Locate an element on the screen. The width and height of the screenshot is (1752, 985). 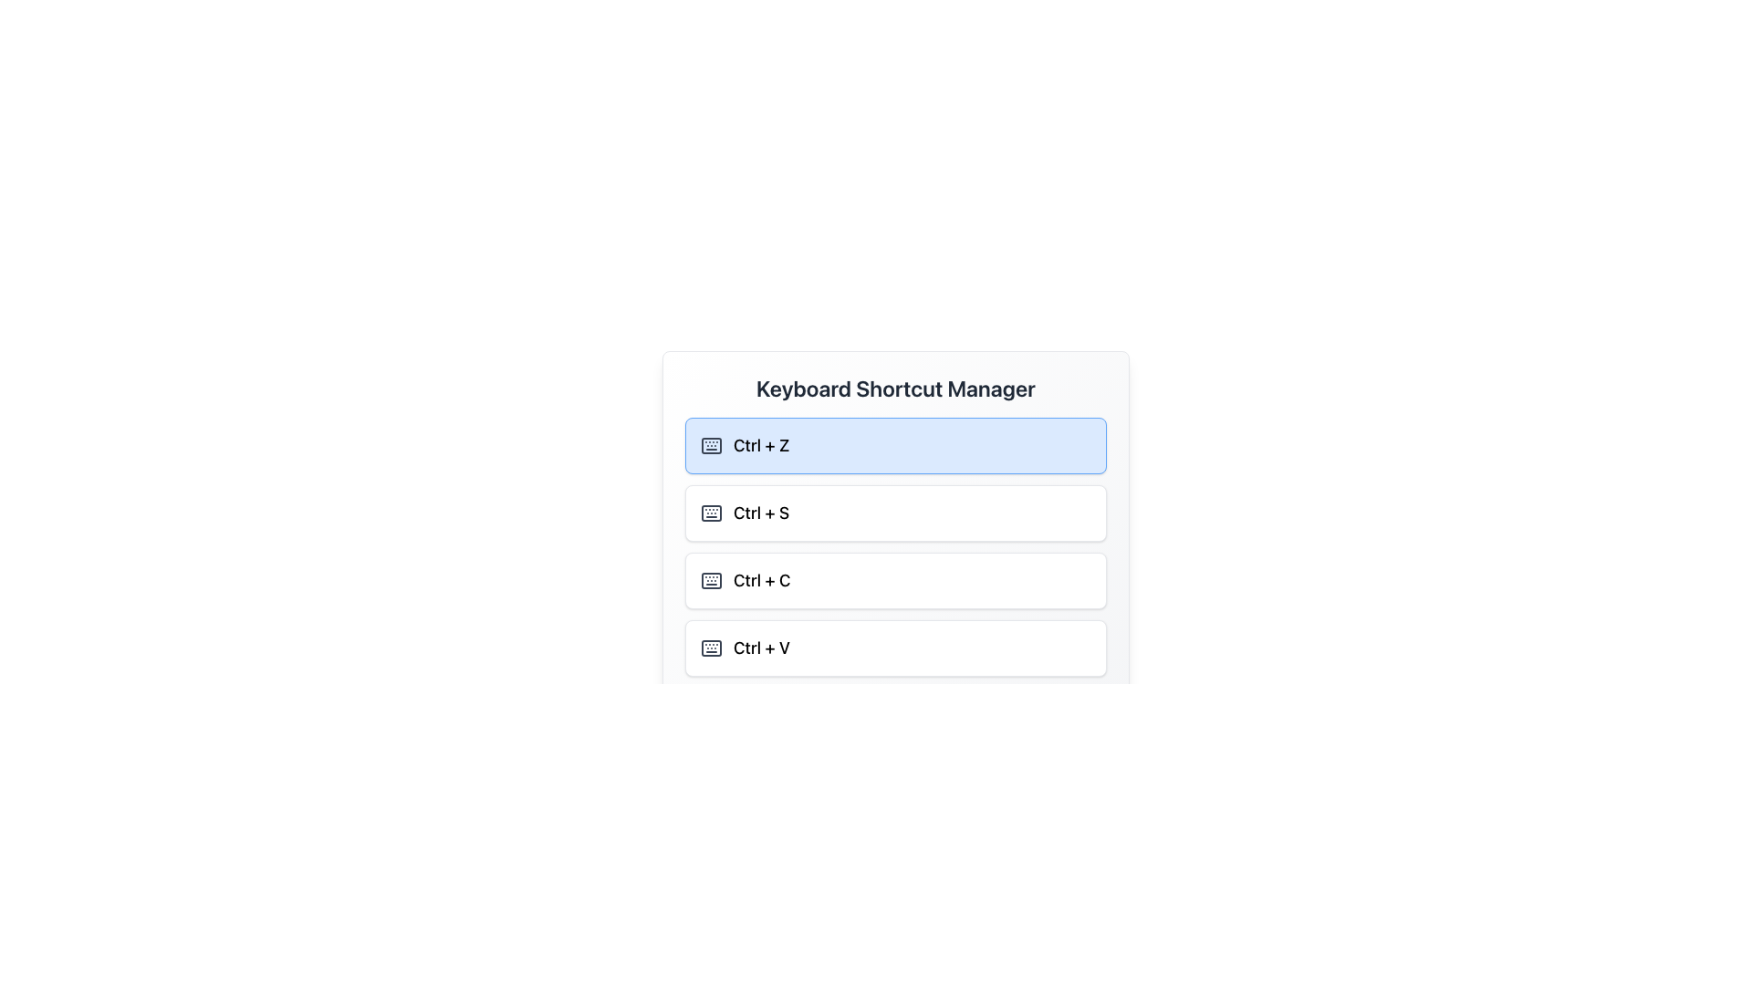
the keyboard icon for the 'Ctrl + Z' shortcut in the Keyboard Shortcut Manager, which is a gray rectangular element with rounded corners and an SVG design of a keyboard layout is located at coordinates (710, 647).